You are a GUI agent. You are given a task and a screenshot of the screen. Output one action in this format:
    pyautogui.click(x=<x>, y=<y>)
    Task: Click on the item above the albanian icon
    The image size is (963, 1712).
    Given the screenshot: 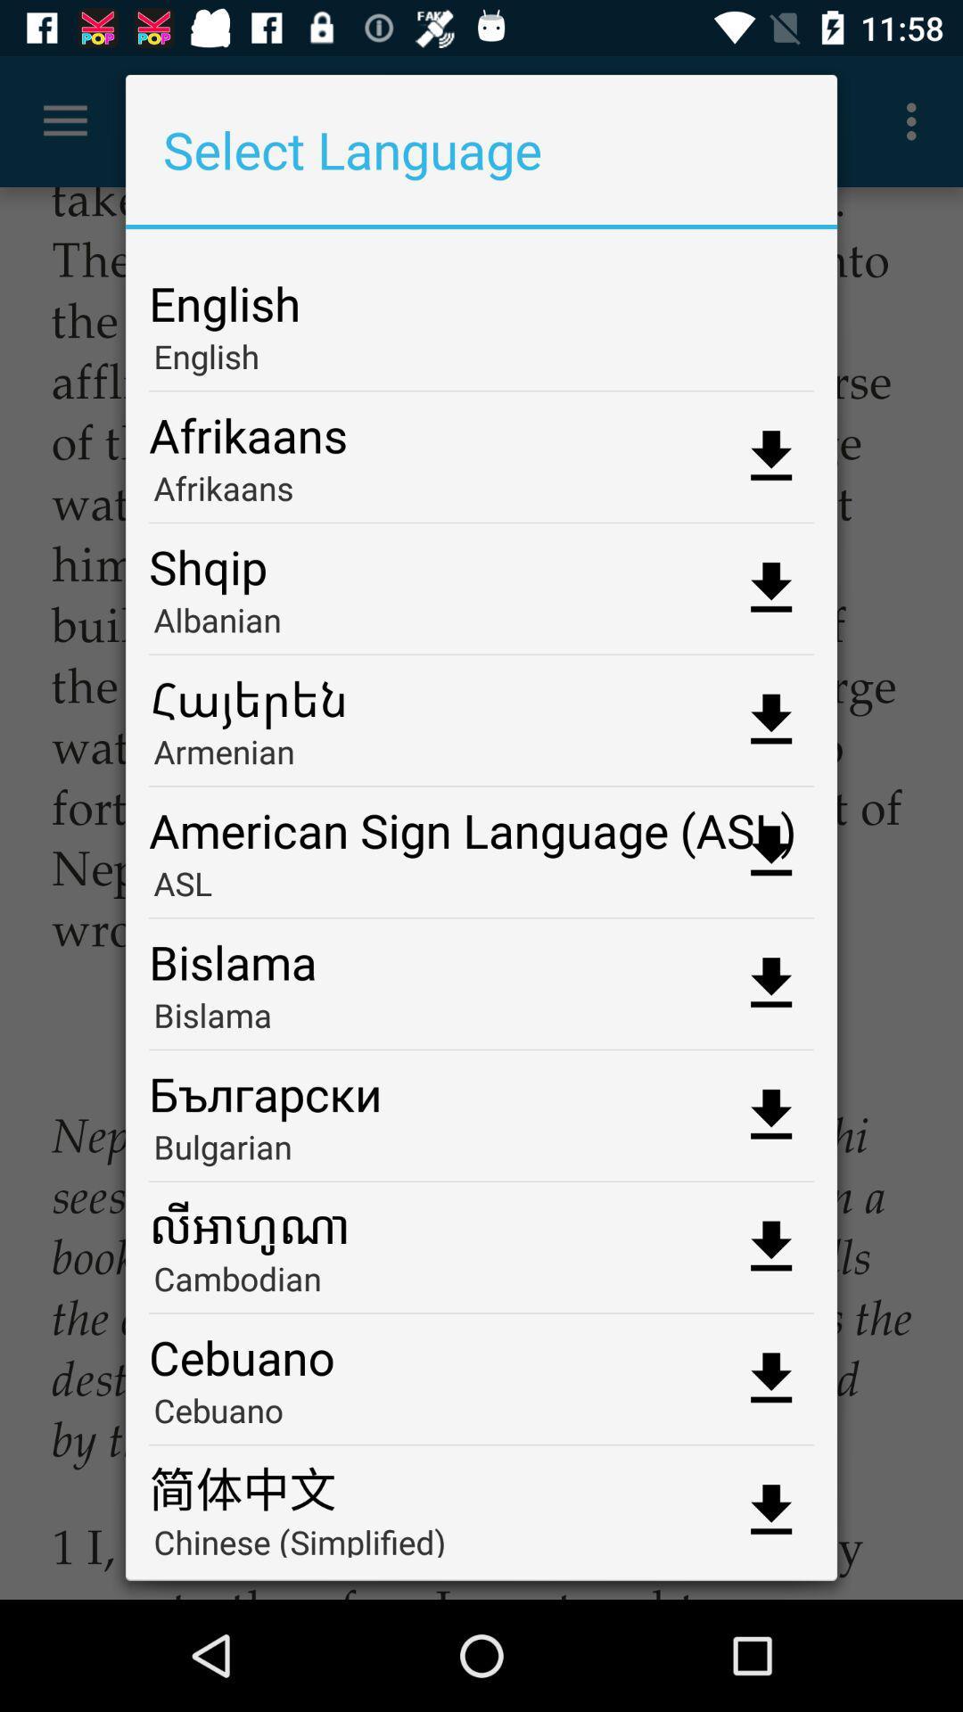 What is the action you would take?
    pyautogui.click(x=481, y=559)
    